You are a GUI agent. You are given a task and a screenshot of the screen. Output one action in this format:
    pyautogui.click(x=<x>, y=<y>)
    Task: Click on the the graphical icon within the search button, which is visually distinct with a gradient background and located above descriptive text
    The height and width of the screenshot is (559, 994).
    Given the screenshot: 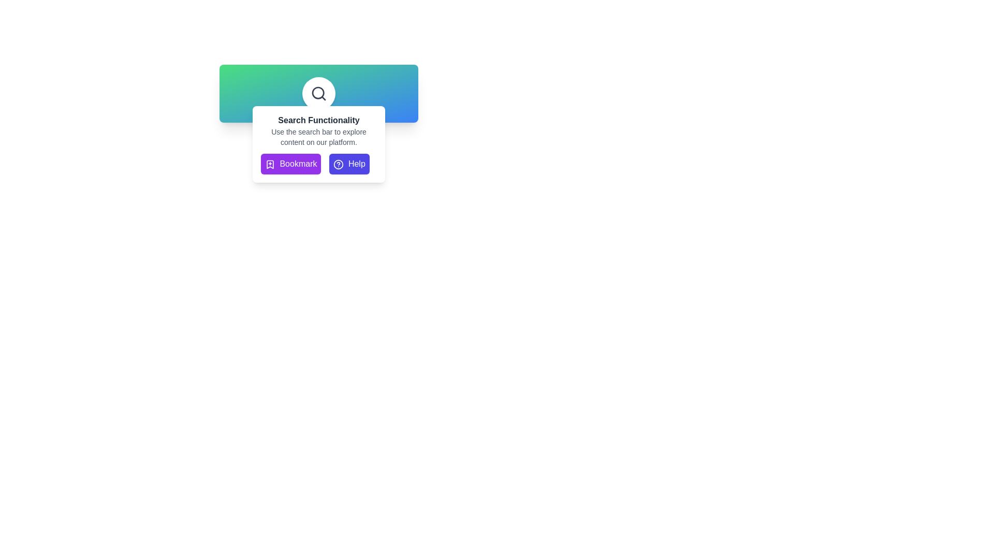 What is the action you would take?
    pyautogui.click(x=318, y=94)
    